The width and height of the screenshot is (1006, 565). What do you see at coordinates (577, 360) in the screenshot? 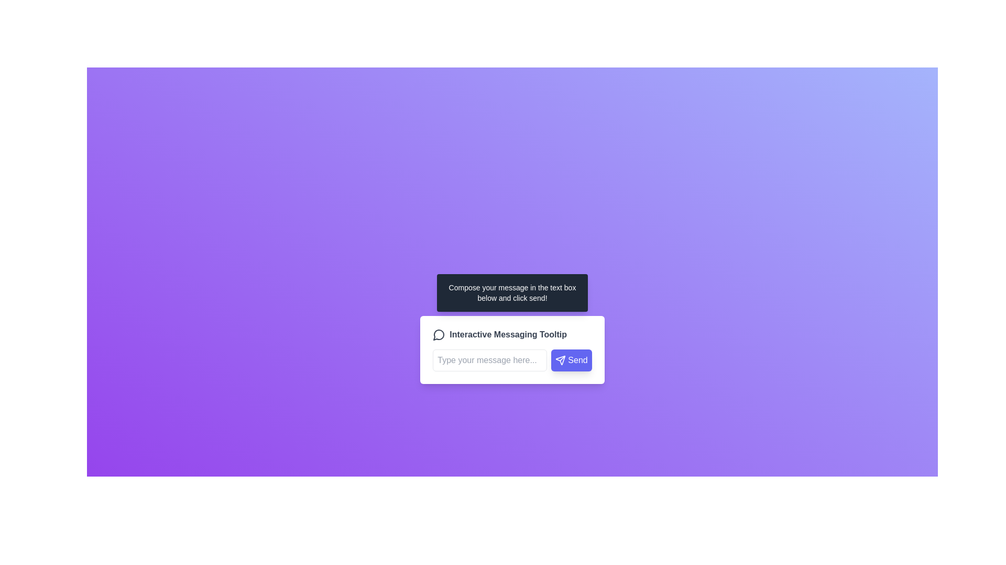
I see `the 'Send' text element located on the right side of the blue button` at bounding box center [577, 360].